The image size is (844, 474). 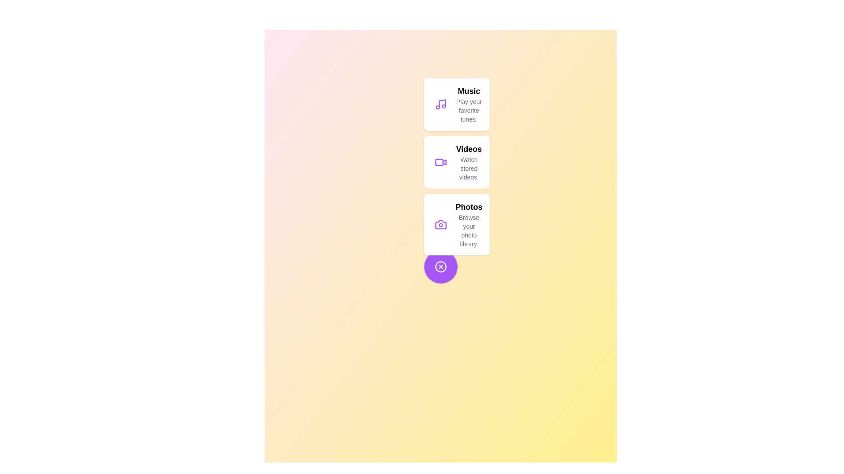 I want to click on the central button to toggle the menu, so click(x=440, y=266).